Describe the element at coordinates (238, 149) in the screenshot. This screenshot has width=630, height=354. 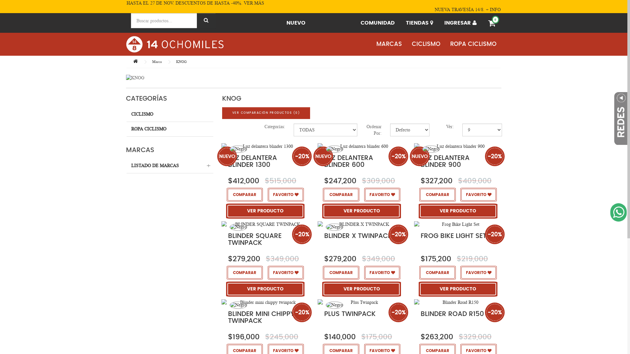
I see `'Negro'` at that location.